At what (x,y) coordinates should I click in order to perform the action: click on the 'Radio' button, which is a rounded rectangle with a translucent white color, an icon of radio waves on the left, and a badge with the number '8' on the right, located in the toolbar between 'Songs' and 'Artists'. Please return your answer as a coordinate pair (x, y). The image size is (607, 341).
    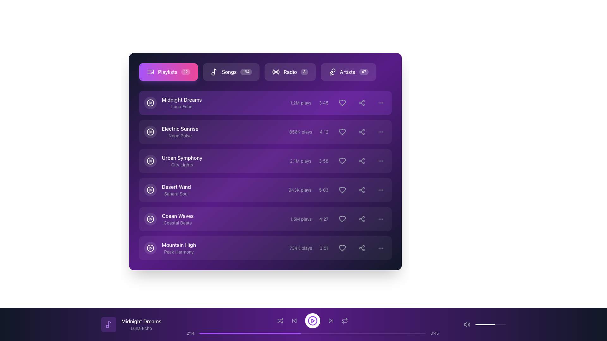
    Looking at the image, I should click on (290, 71).